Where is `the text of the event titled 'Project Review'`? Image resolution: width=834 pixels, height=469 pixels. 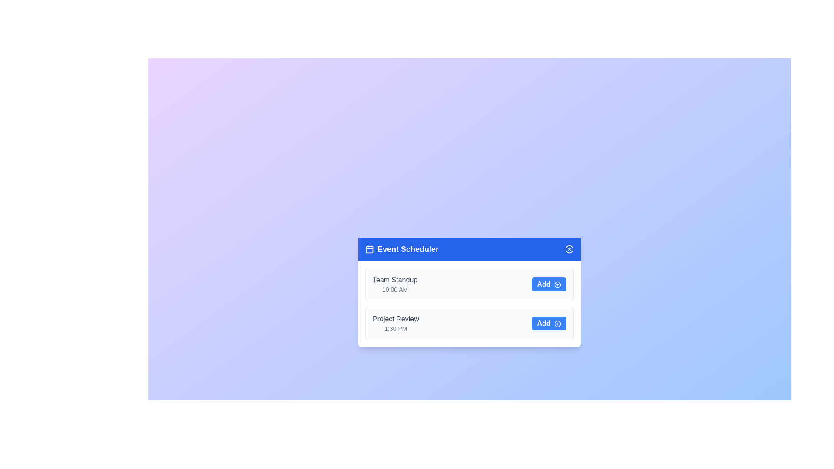 the text of the event titled 'Project Review' is located at coordinates (395, 319).